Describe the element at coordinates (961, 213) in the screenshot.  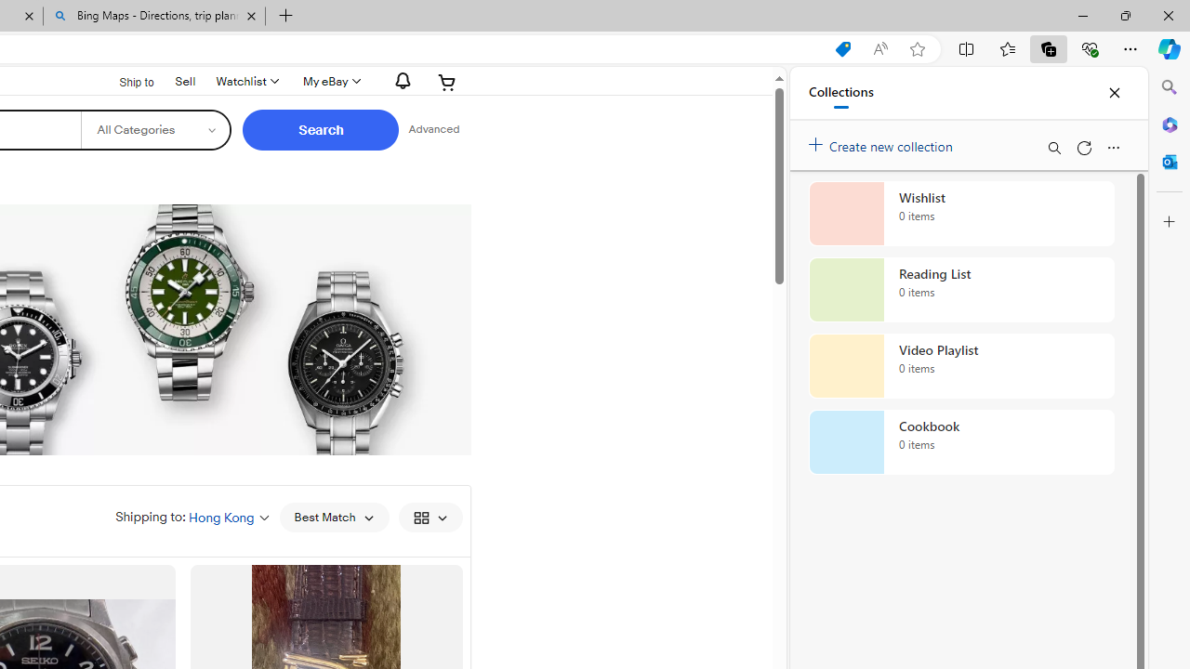
I see `'Wishlist collection, 0 items'` at that location.